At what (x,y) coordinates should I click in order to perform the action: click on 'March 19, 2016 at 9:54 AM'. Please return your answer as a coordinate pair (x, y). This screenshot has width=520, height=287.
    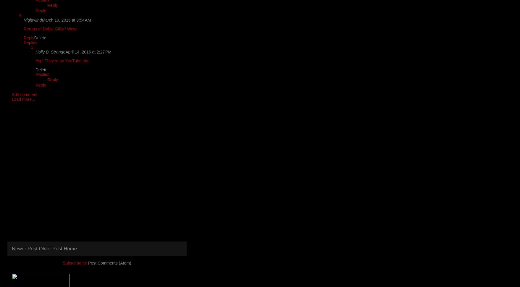
    Looking at the image, I should click on (66, 20).